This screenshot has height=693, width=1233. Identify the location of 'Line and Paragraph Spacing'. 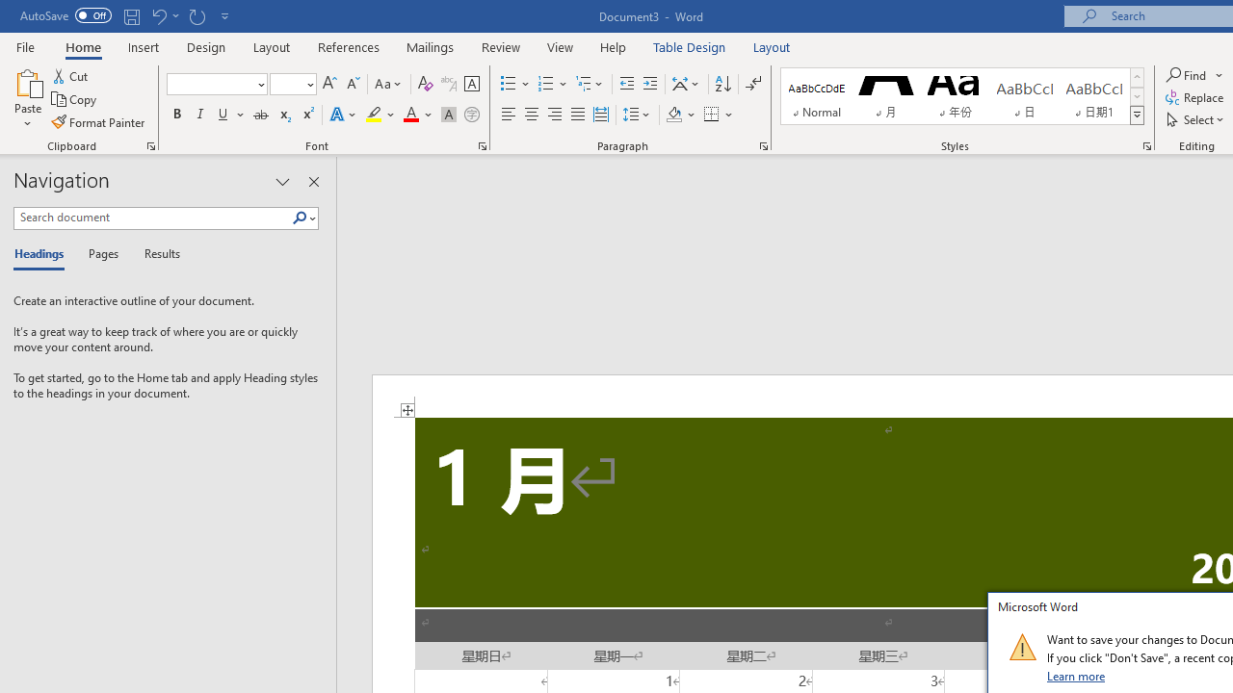
(637, 115).